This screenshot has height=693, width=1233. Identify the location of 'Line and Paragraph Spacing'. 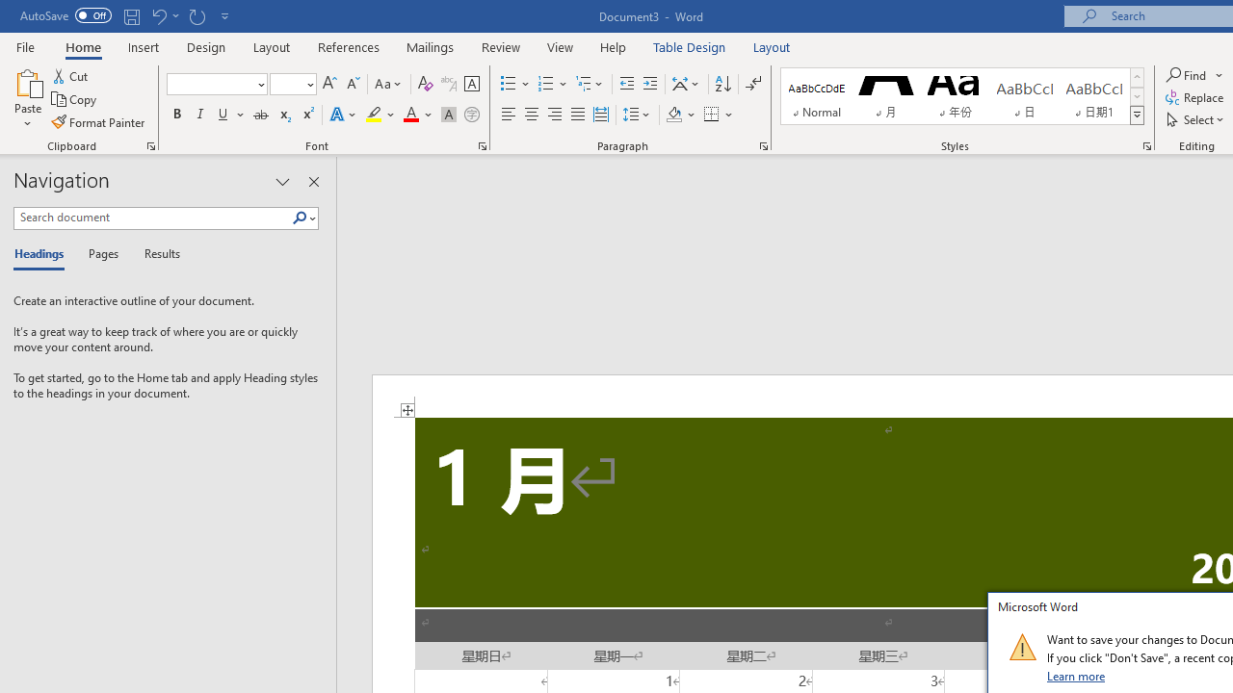
(637, 115).